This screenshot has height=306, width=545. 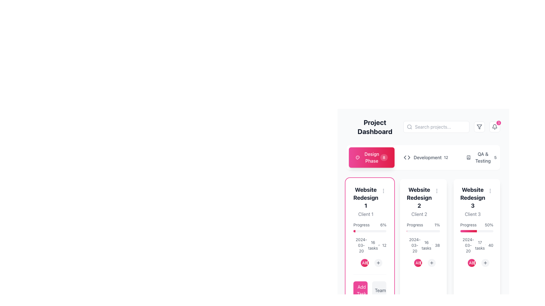 What do you see at coordinates (464, 245) in the screenshot?
I see `date information displayed in gray text format '2024-03-20', which is located next to a calendar icon in the top-left corner of the grid layout` at bounding box center [464, 245].